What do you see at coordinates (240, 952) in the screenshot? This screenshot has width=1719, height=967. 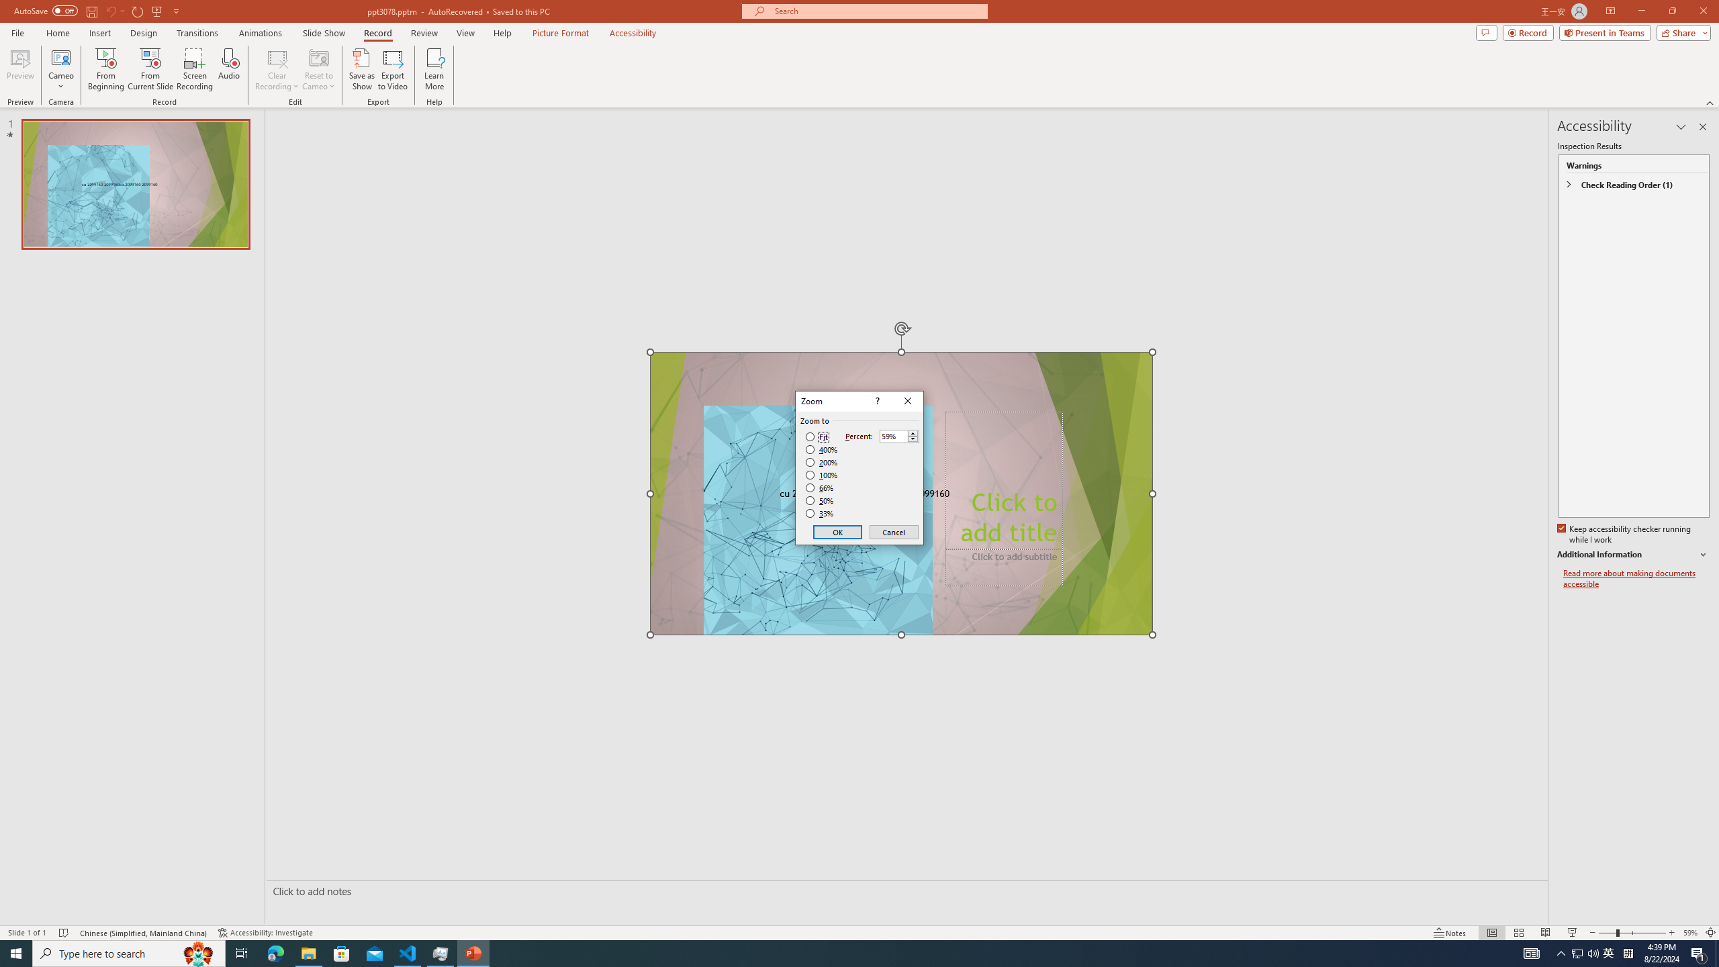 I see `'Task View'` at bounding box center [240, 952].